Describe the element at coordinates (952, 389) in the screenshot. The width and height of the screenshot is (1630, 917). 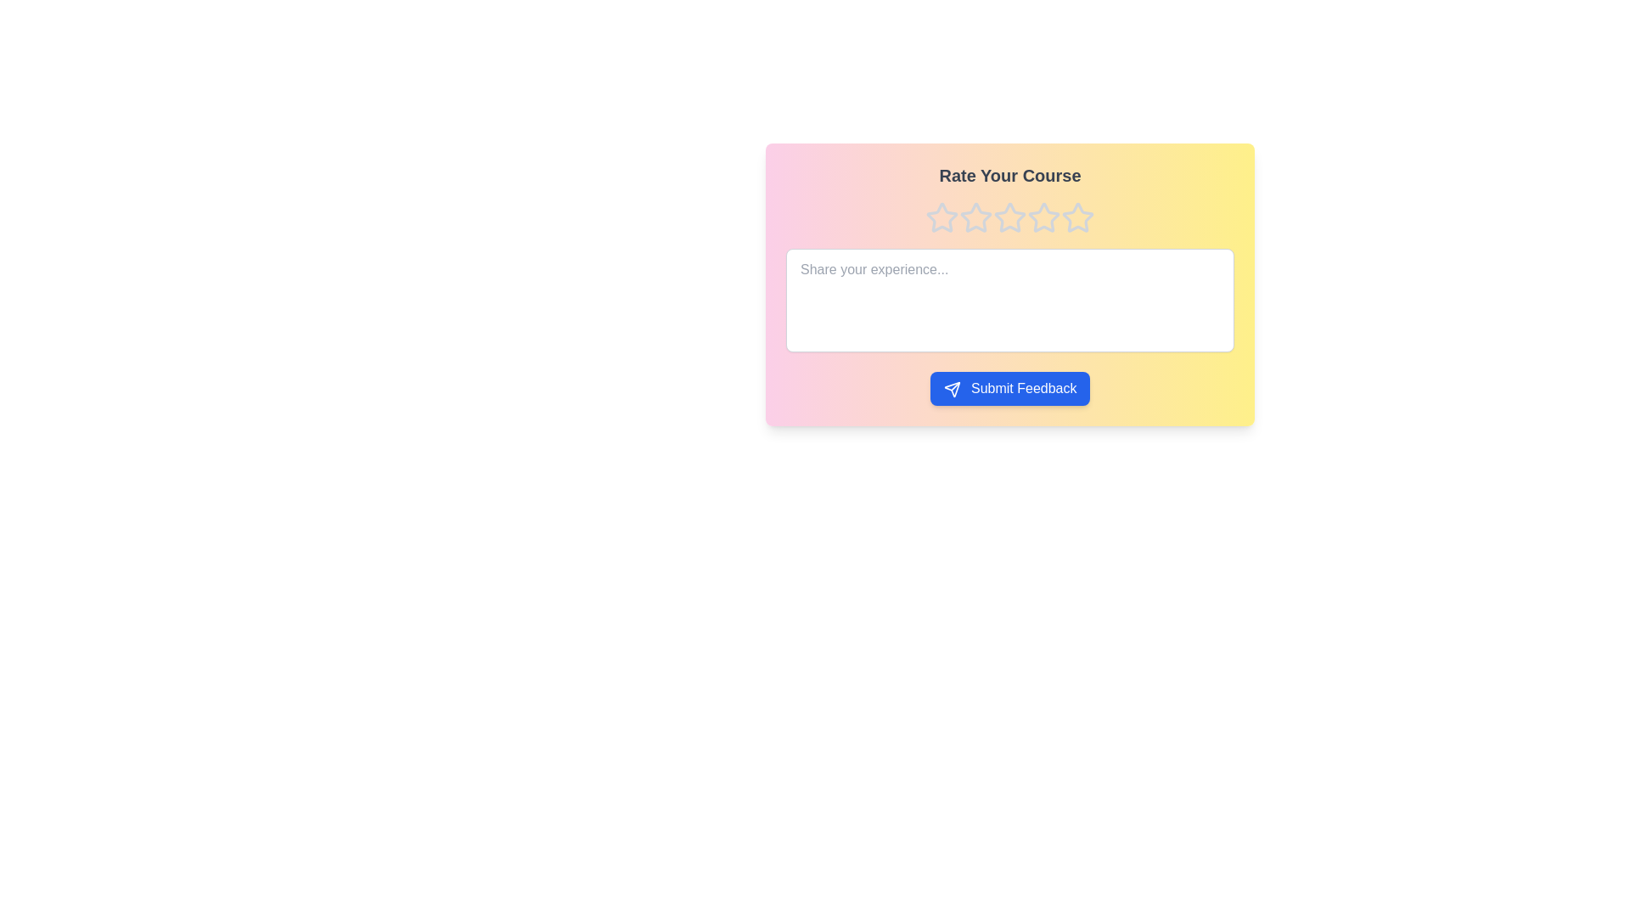
I see `the 'Submit Feedback' button that contains the decorative SVG 'send' icon representing the action of submitting feedback` at that location.